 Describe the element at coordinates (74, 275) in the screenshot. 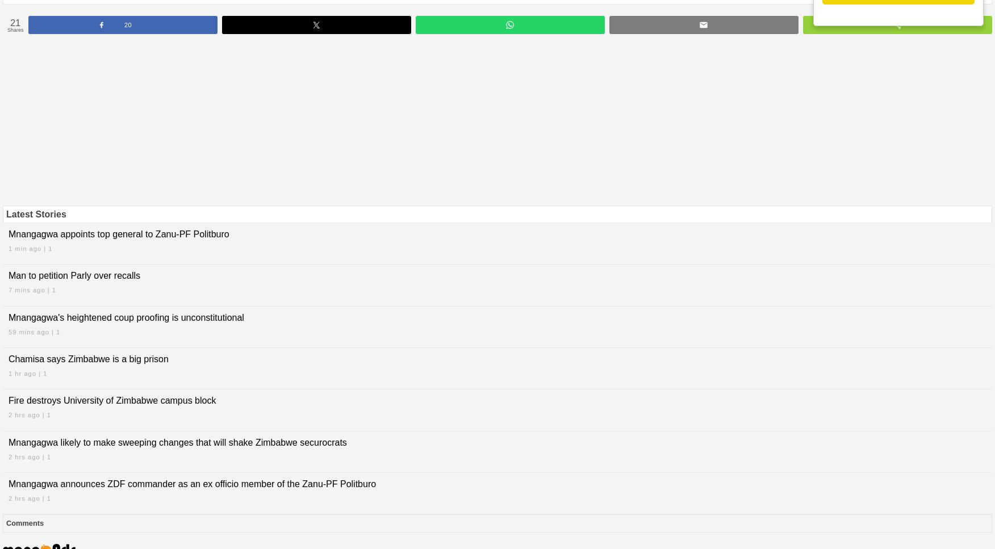

I see `'Man to petition Parly over recalls'` at that location.